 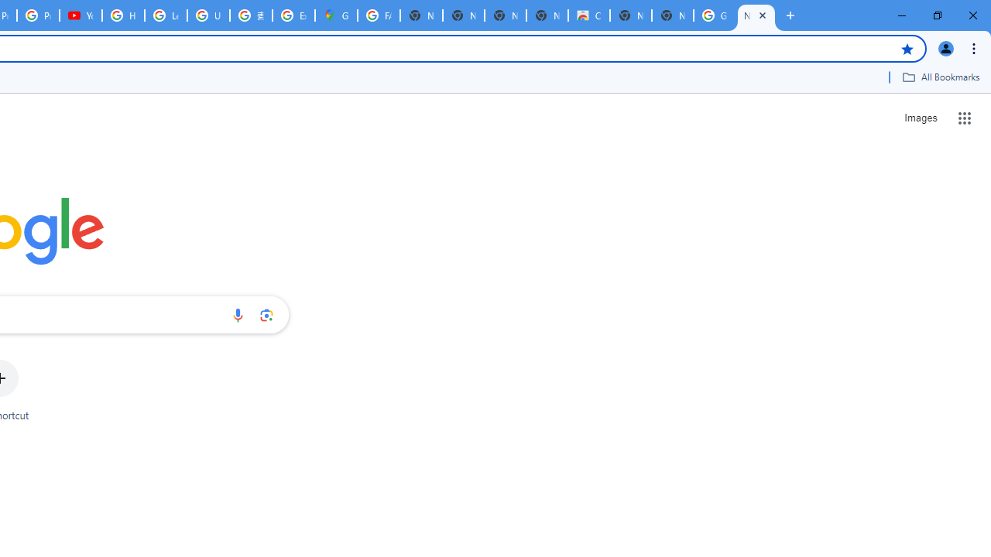 I want to click on 'Search by voice', so click(x=237, y=314).